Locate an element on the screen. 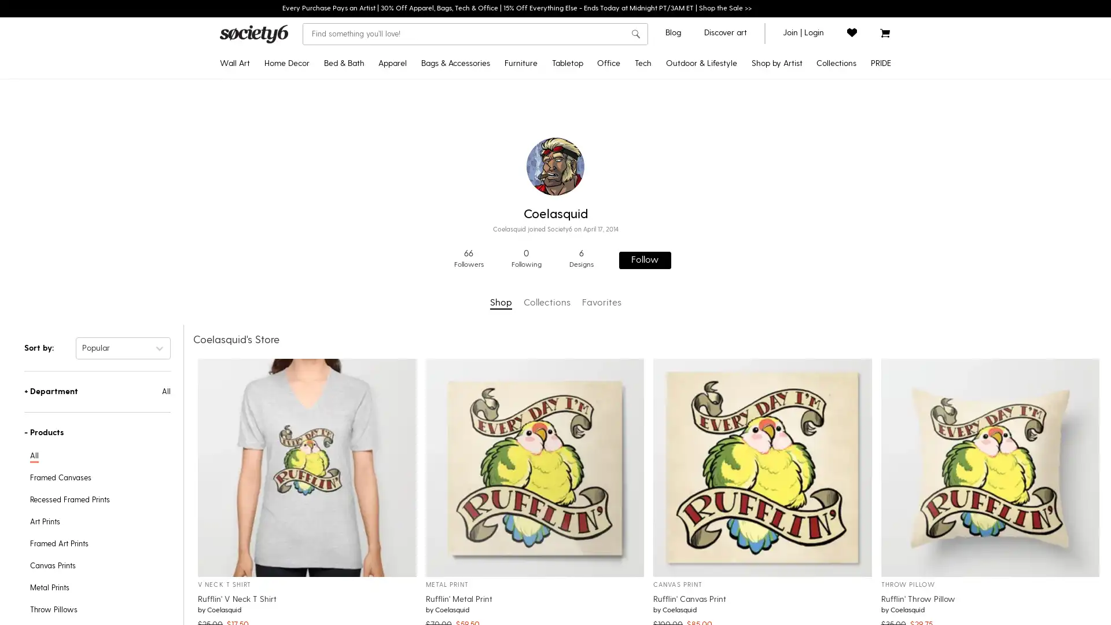 Image resolution: width=1111 pixels, height=625 pixels. Gifts for Grads is located at coordinates (793, 112).